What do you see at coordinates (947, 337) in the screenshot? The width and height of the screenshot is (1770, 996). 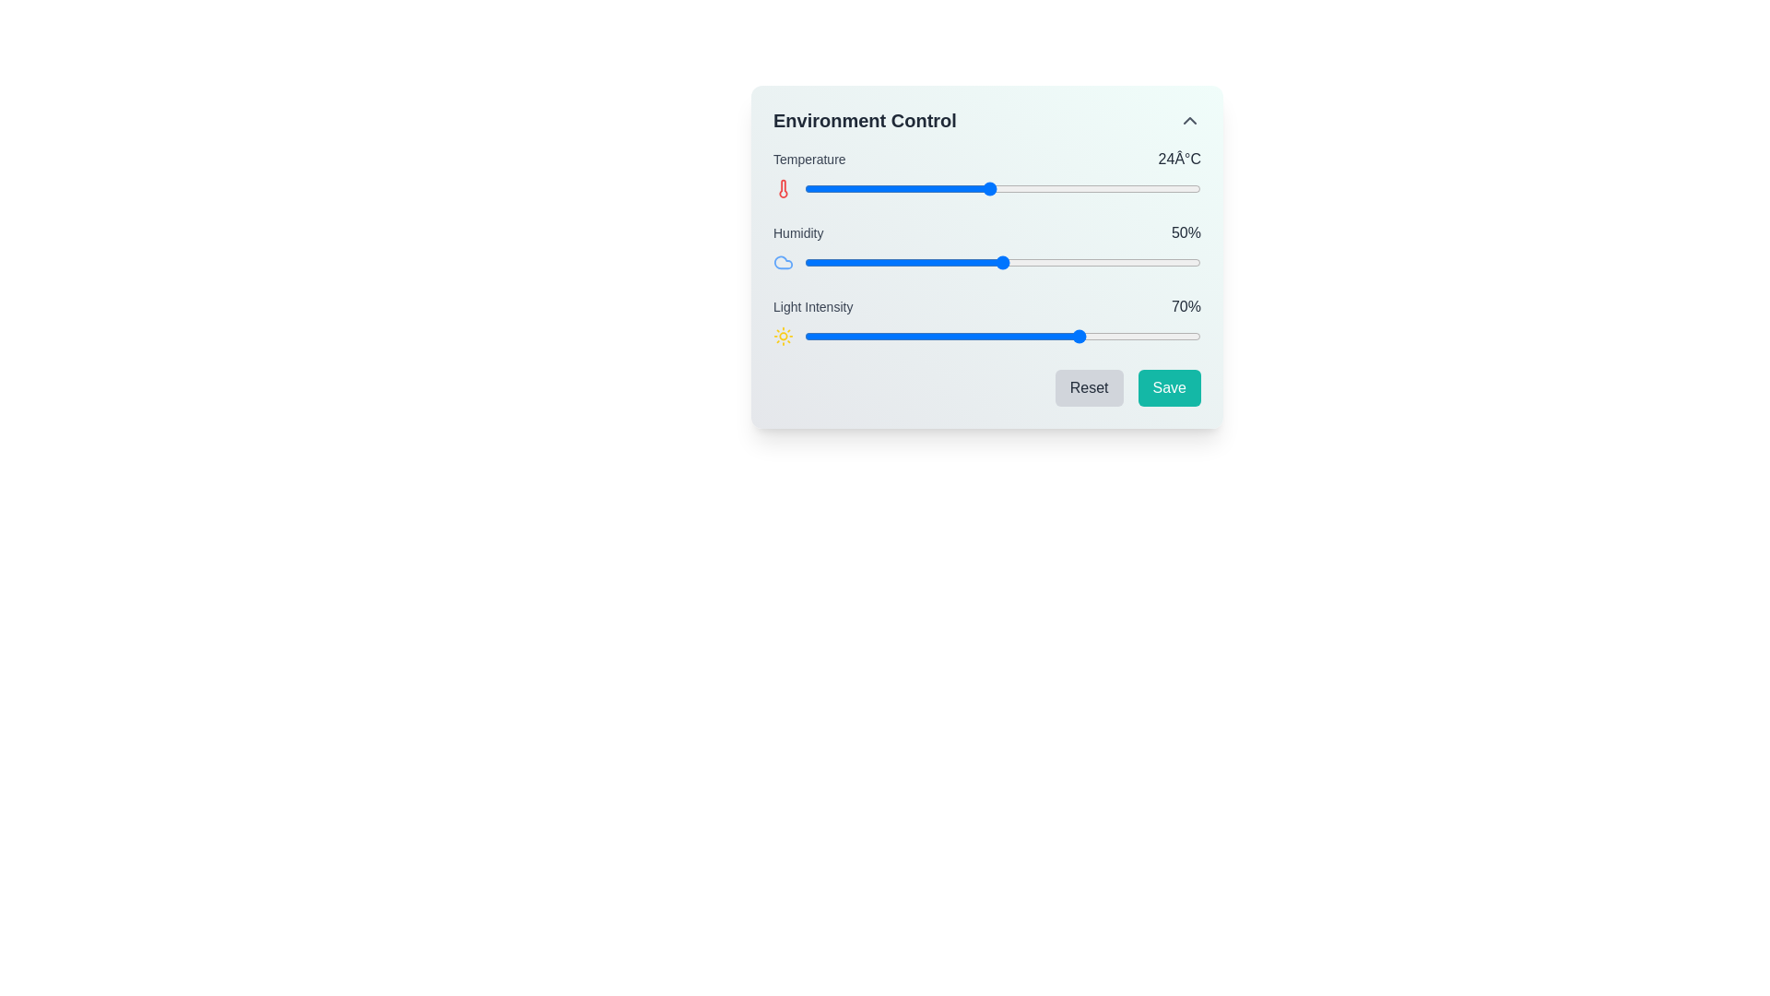 I see `light intensity` at bounding box center [947, 337].